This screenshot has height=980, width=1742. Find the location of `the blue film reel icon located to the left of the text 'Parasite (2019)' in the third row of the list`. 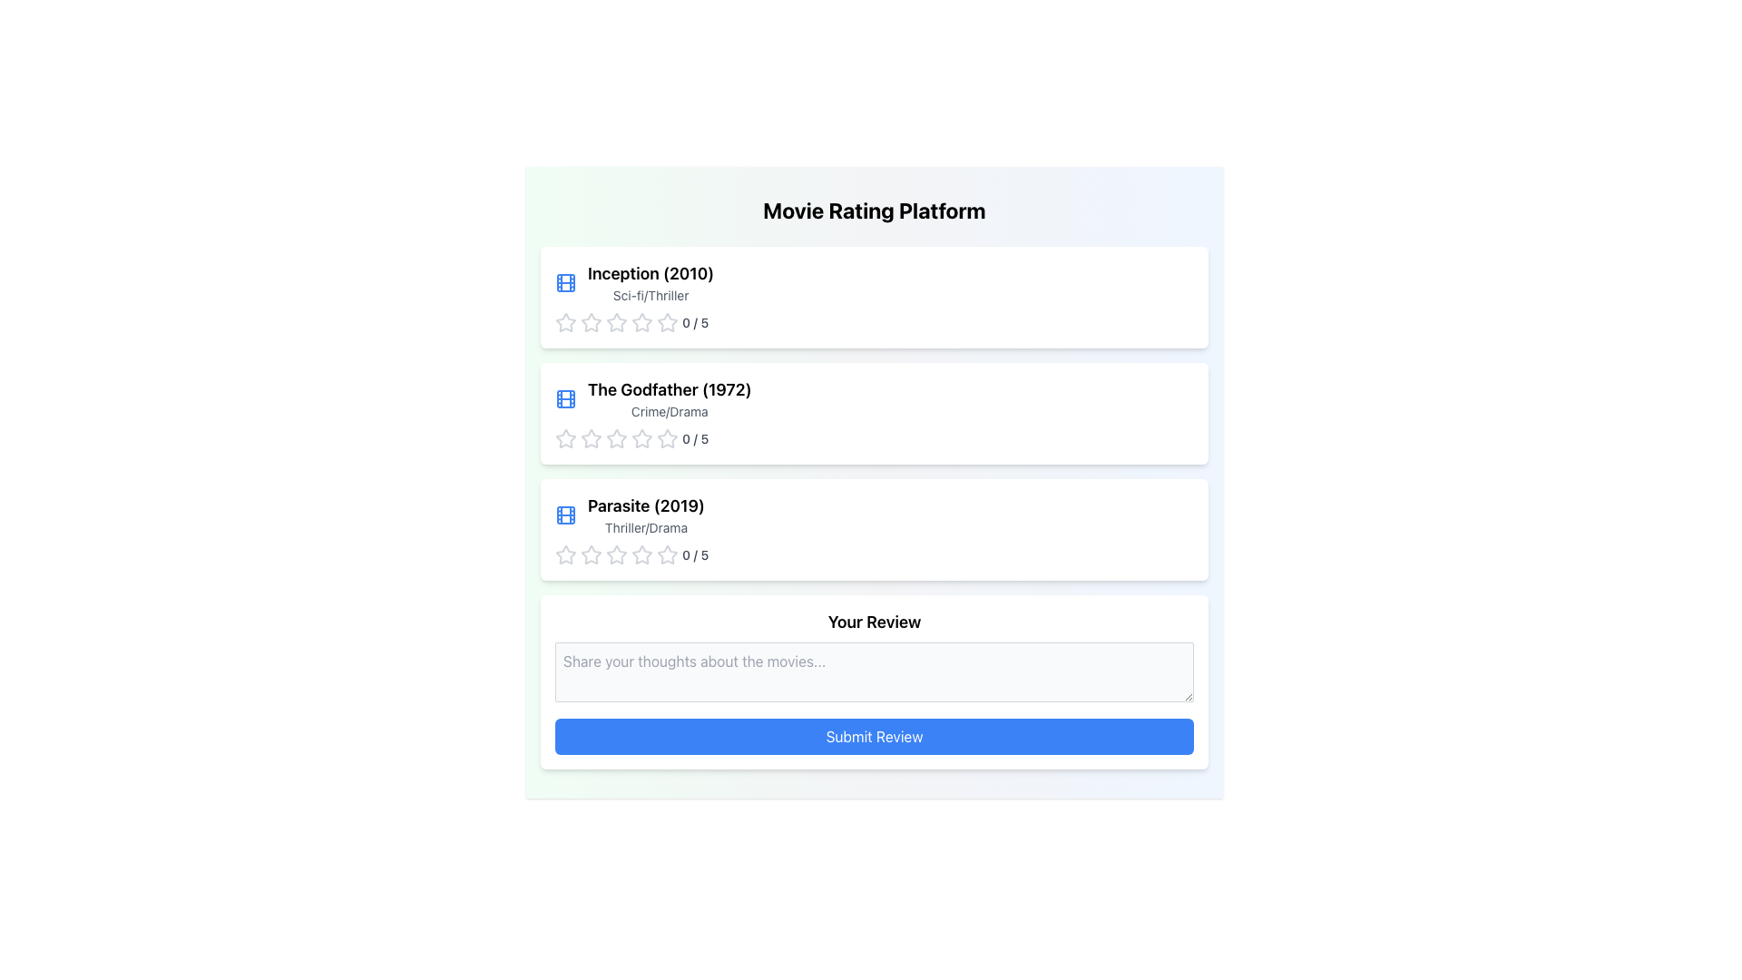

the blue film reel icon located to the left of the text 'Parasite (2019)' in the third row of the list is located at coordinates (565, 514).